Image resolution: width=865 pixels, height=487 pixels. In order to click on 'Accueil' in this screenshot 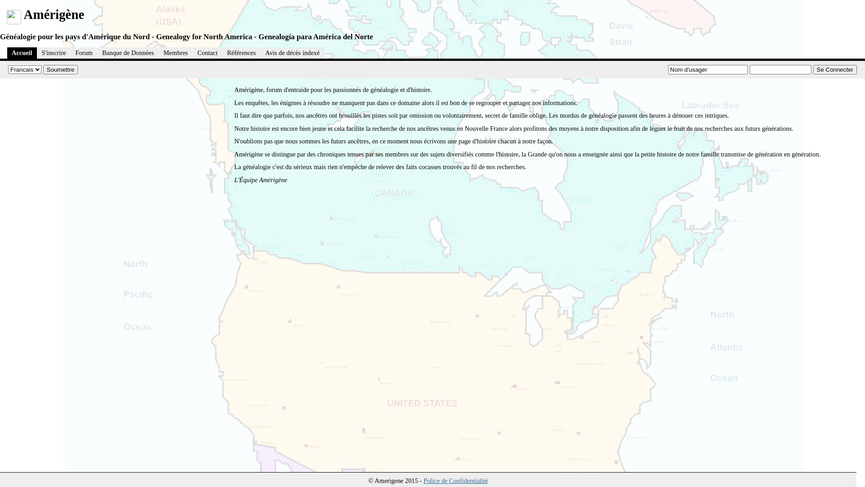, I will do `click(22, 53)`.